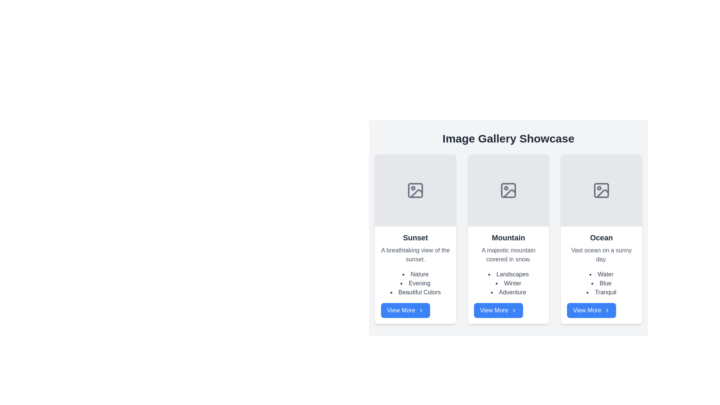 The image size is (720, 405). Describe the element at coordinates (415, 275) in the screenshot. I see `the first card in the image gallery that describes a sunset-related topic` at that location.